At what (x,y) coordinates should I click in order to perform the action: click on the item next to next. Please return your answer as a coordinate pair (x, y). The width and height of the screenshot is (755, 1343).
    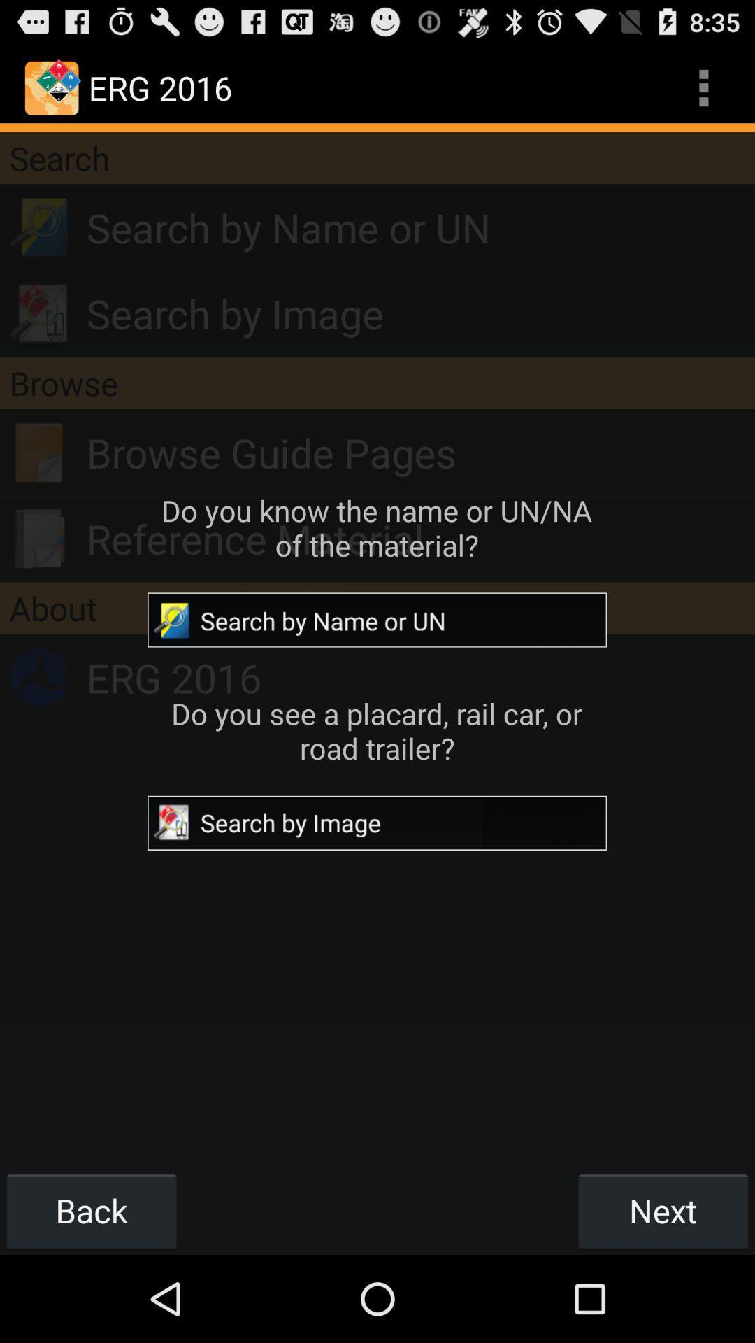
    Looking at the image, I should click on (92, 1210).